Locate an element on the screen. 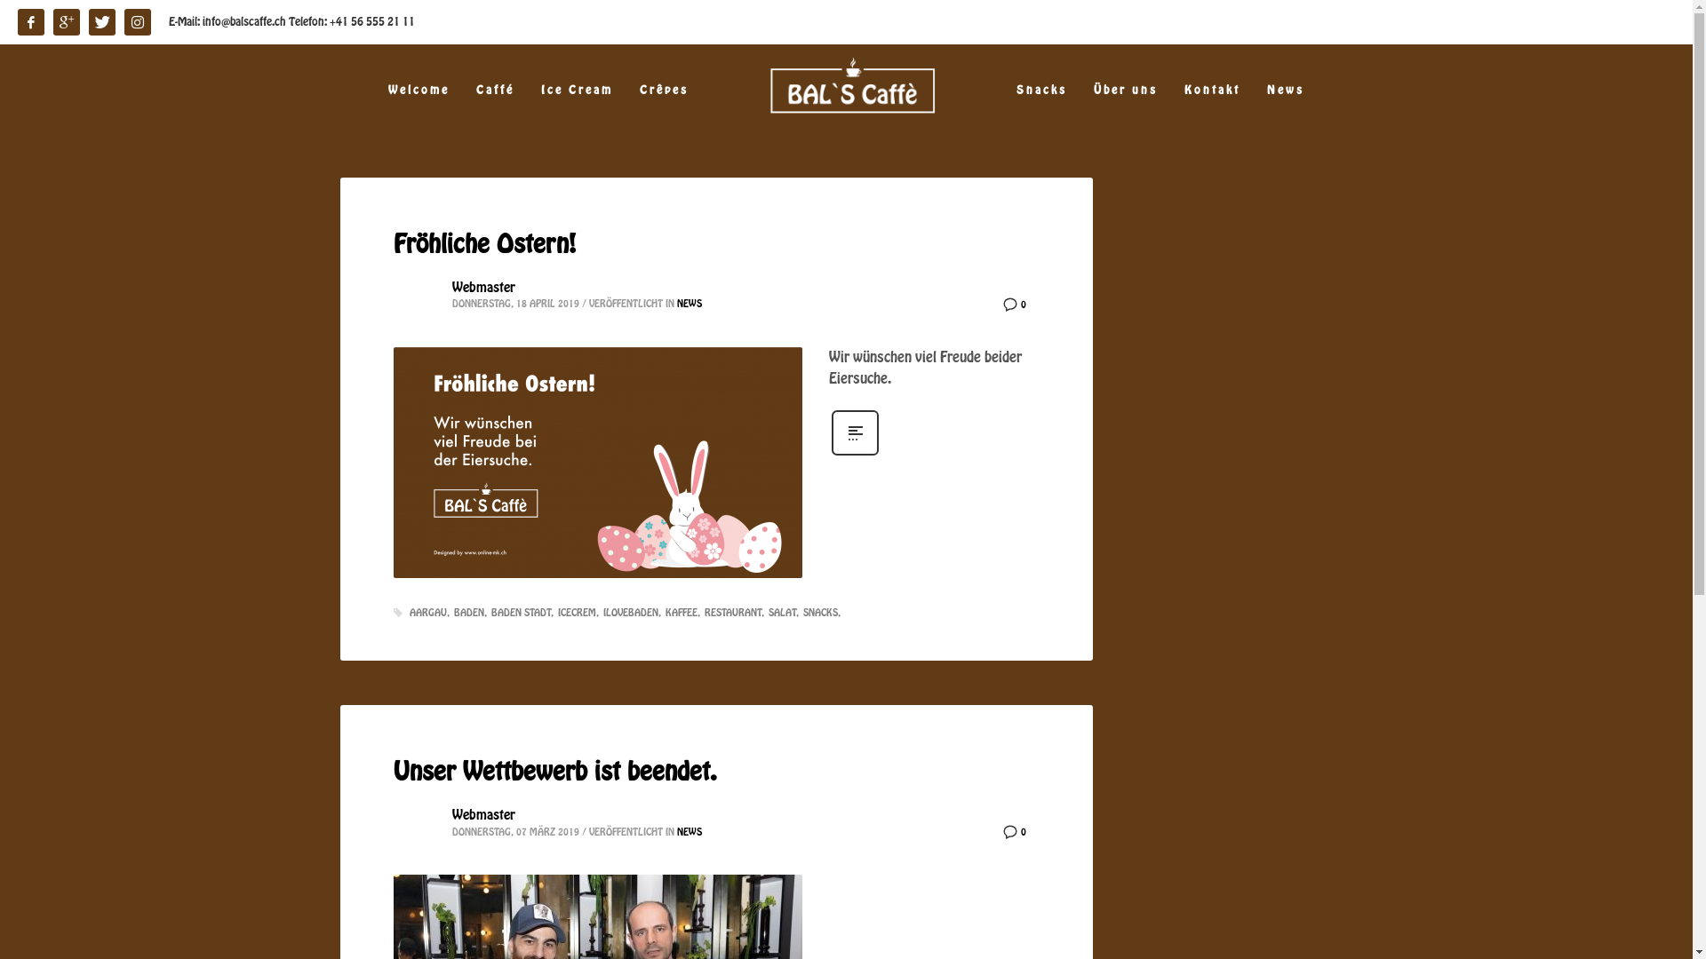  'Unser Wettbewerb ist beendet.' is located at coordinates (554, 772).